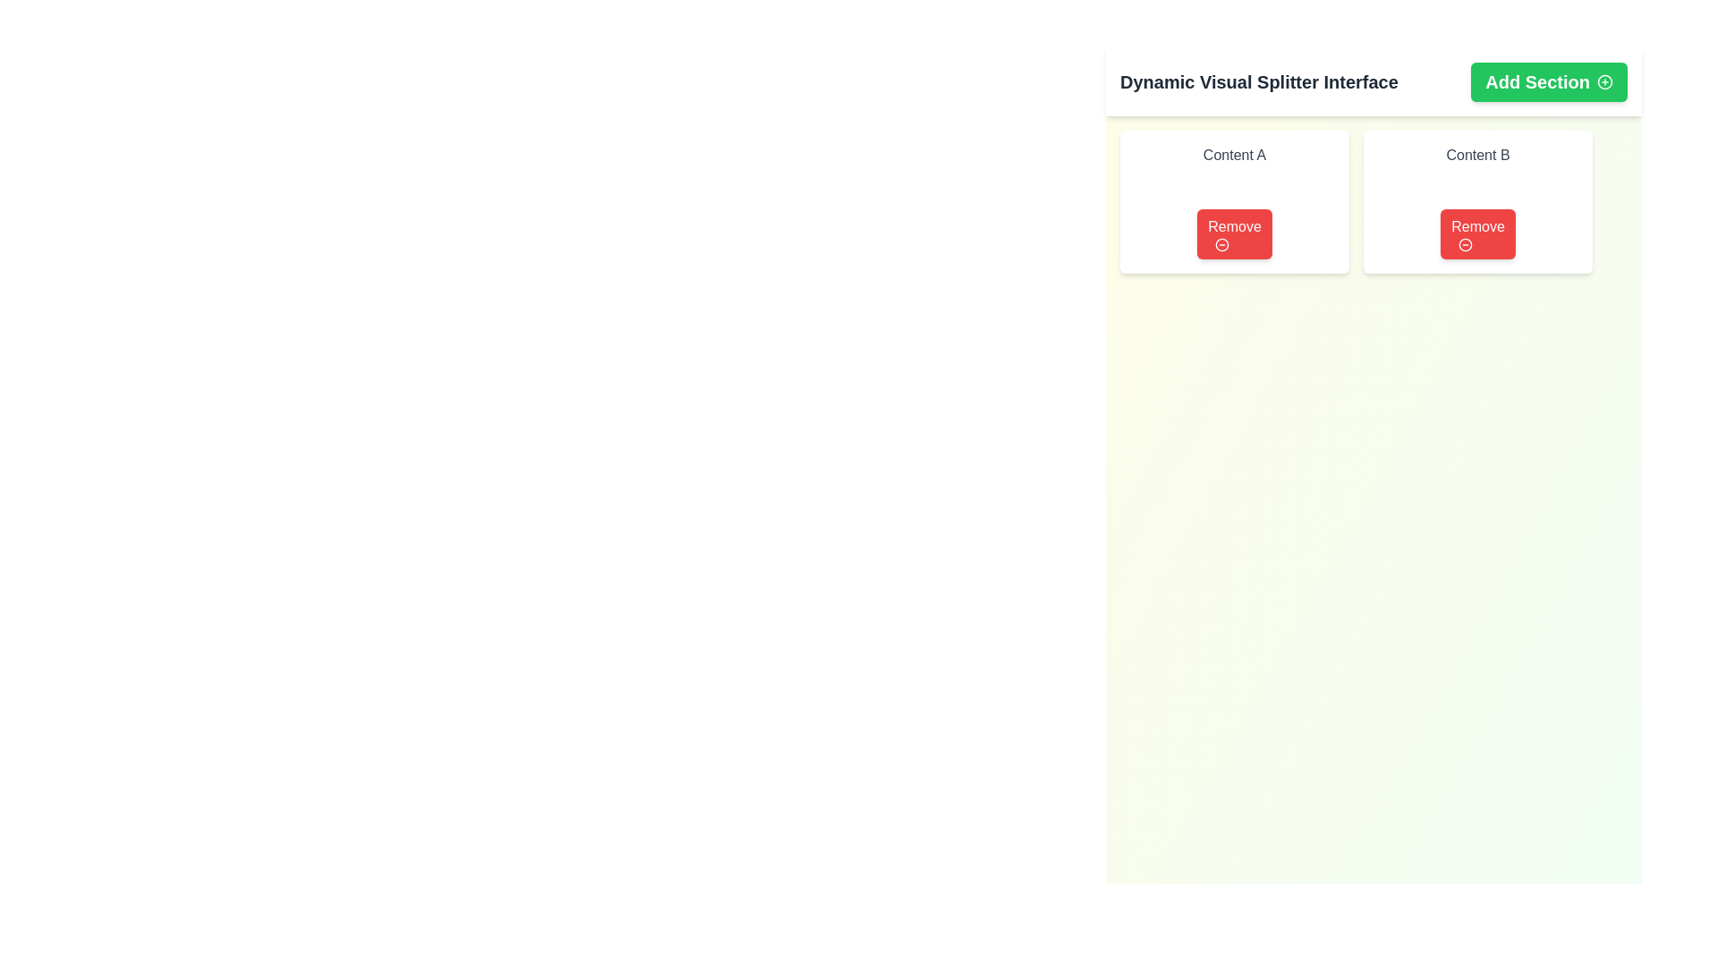 This screenshot has width=1718, height=966. What do you see at coordinates (1548, 82) in the screenshot?
I see `the button located at the top-right corner of the main interface, adjacent to the text 'Dynamic Visual Splitter Interface'` at bounding box center [1548, 82].